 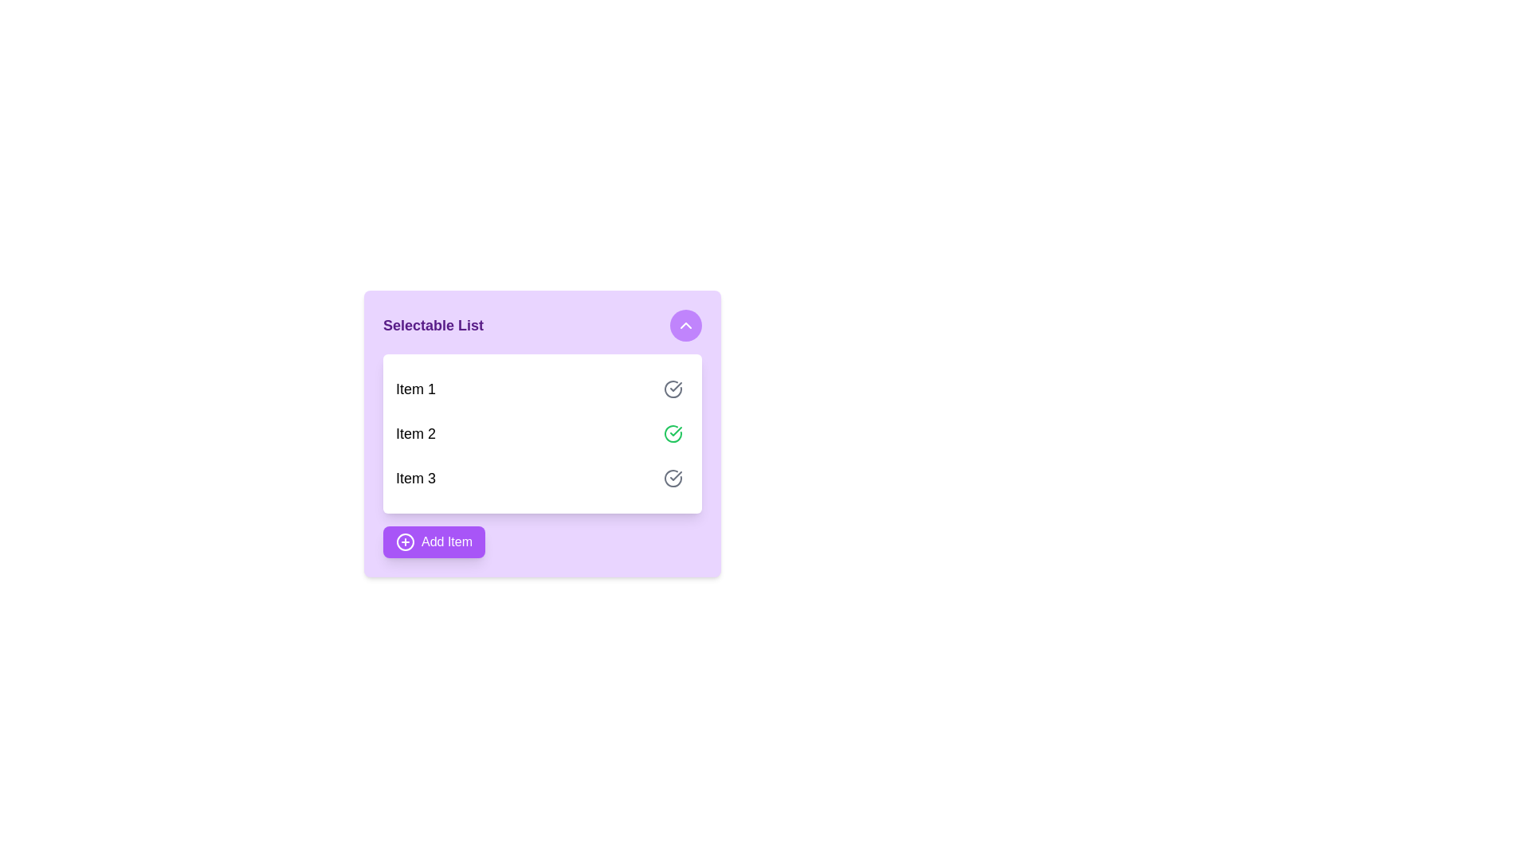 What do you see at coordinates (673, 389) in the screenshot?
I see `the circular icon button with a gray outline and checkmark inside` at bounding box center [673, 389].